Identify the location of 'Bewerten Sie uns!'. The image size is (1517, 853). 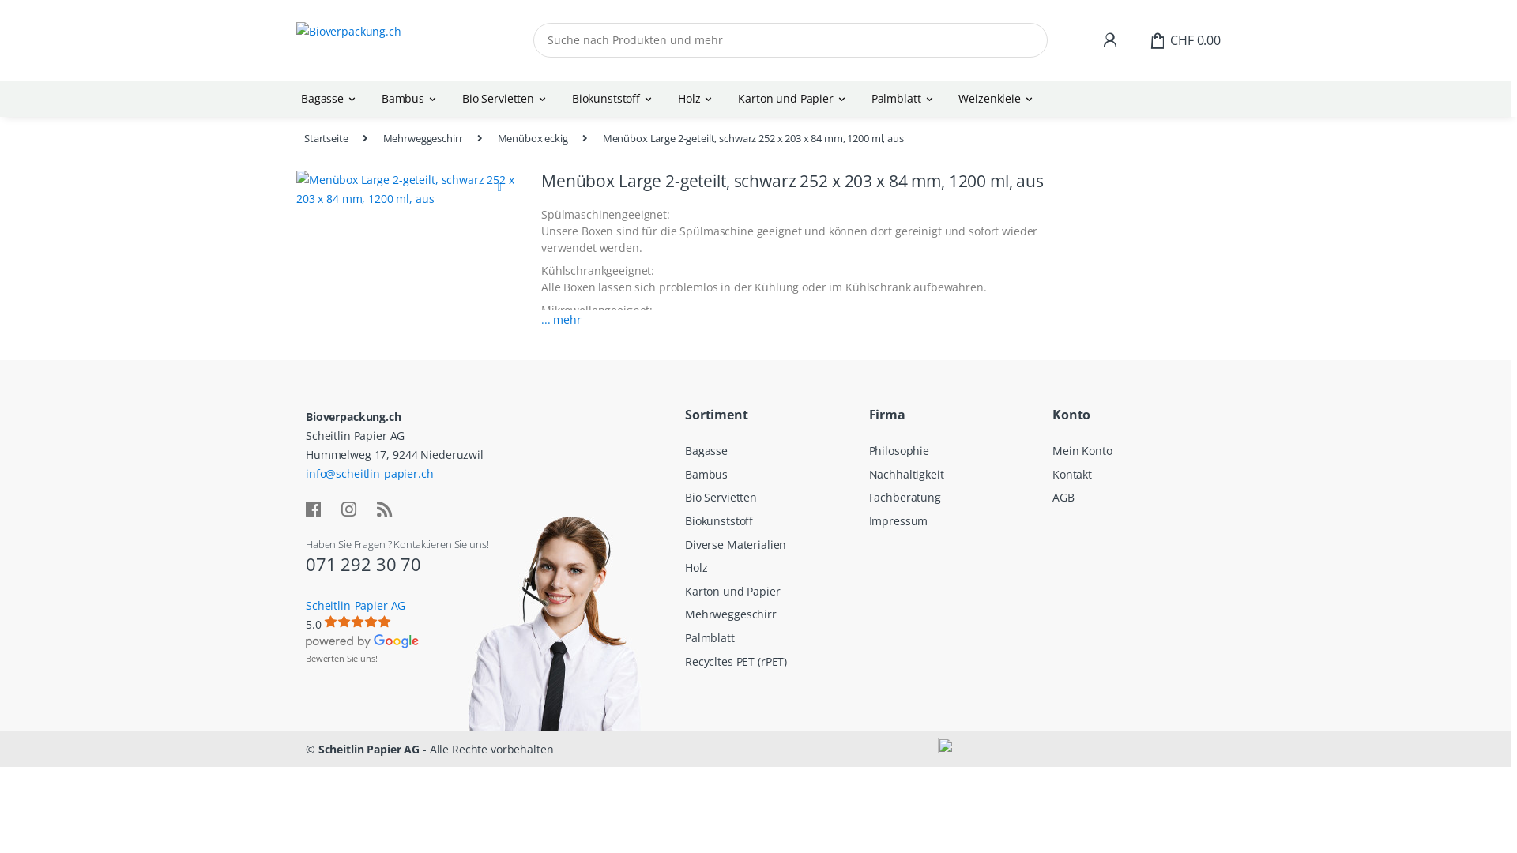
(341, 658).